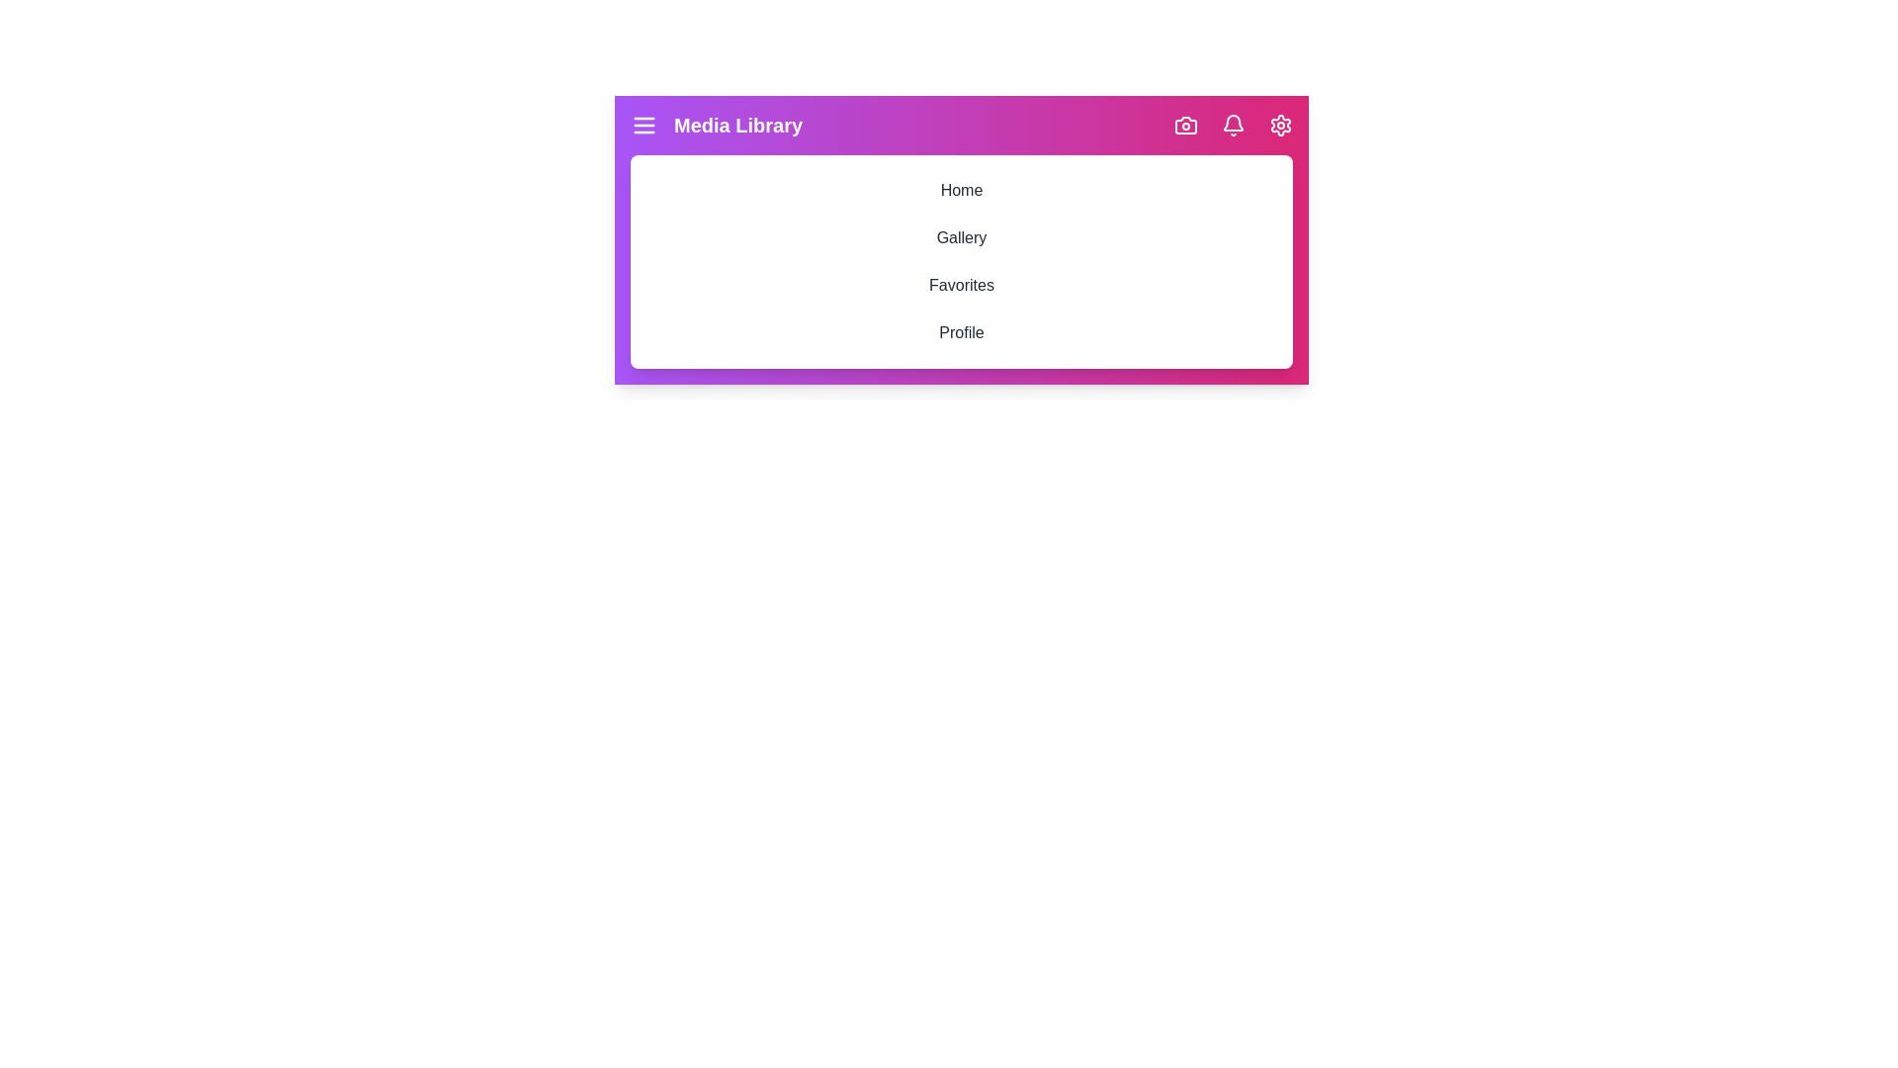 The height and width of the screenshot is (1068, 1898). I want to click on the menu button to toggle the menu visibility, so click(645, 126).